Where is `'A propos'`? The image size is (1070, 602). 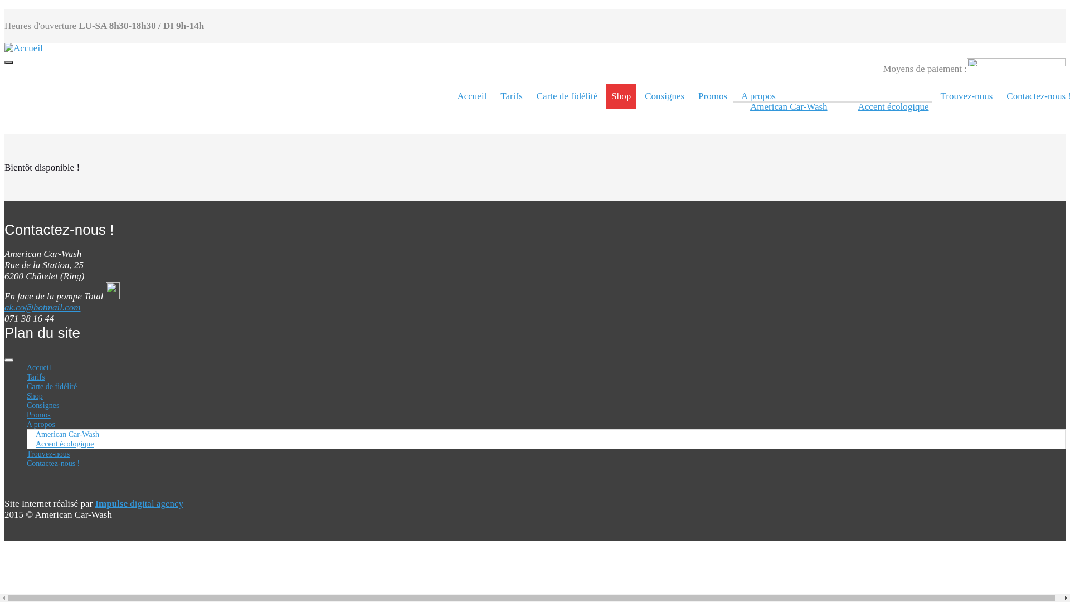 'A propos' is located at coordinates (41, 424).